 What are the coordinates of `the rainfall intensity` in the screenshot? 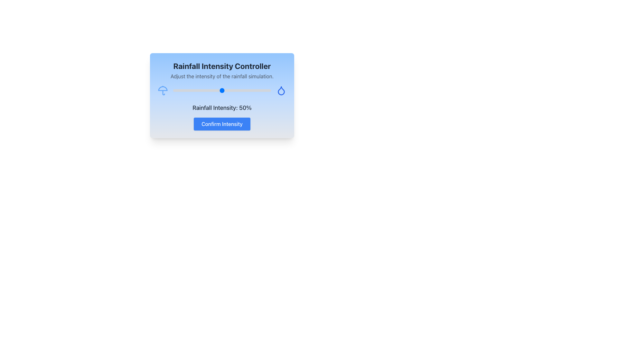 It's located at (206, 91).